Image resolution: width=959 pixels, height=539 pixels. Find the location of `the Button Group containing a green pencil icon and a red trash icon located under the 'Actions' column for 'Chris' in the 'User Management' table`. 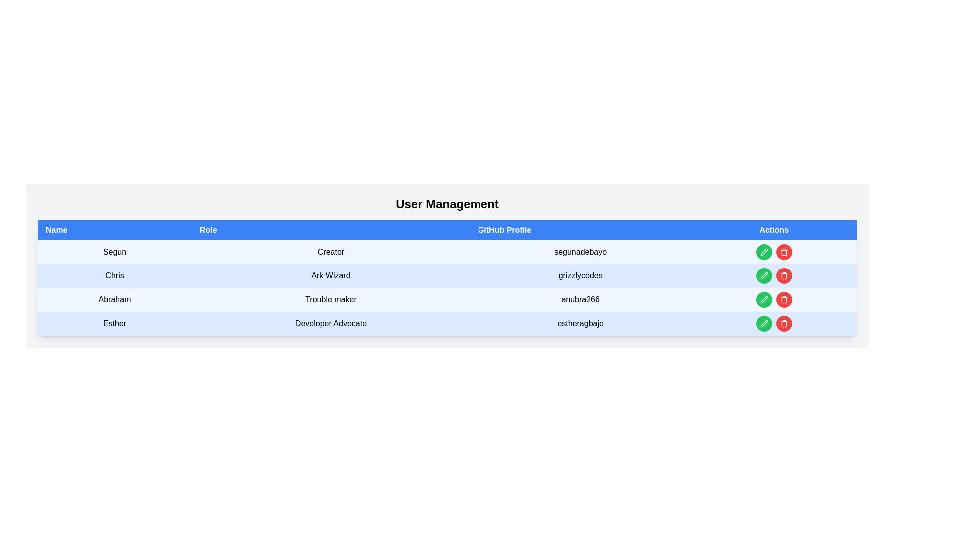

the Button Group containing a green pencil icon and a red trash icon located under the 'Actions' column for 'Chris' in the 'User Management' table is located at coordinates (773, 275).